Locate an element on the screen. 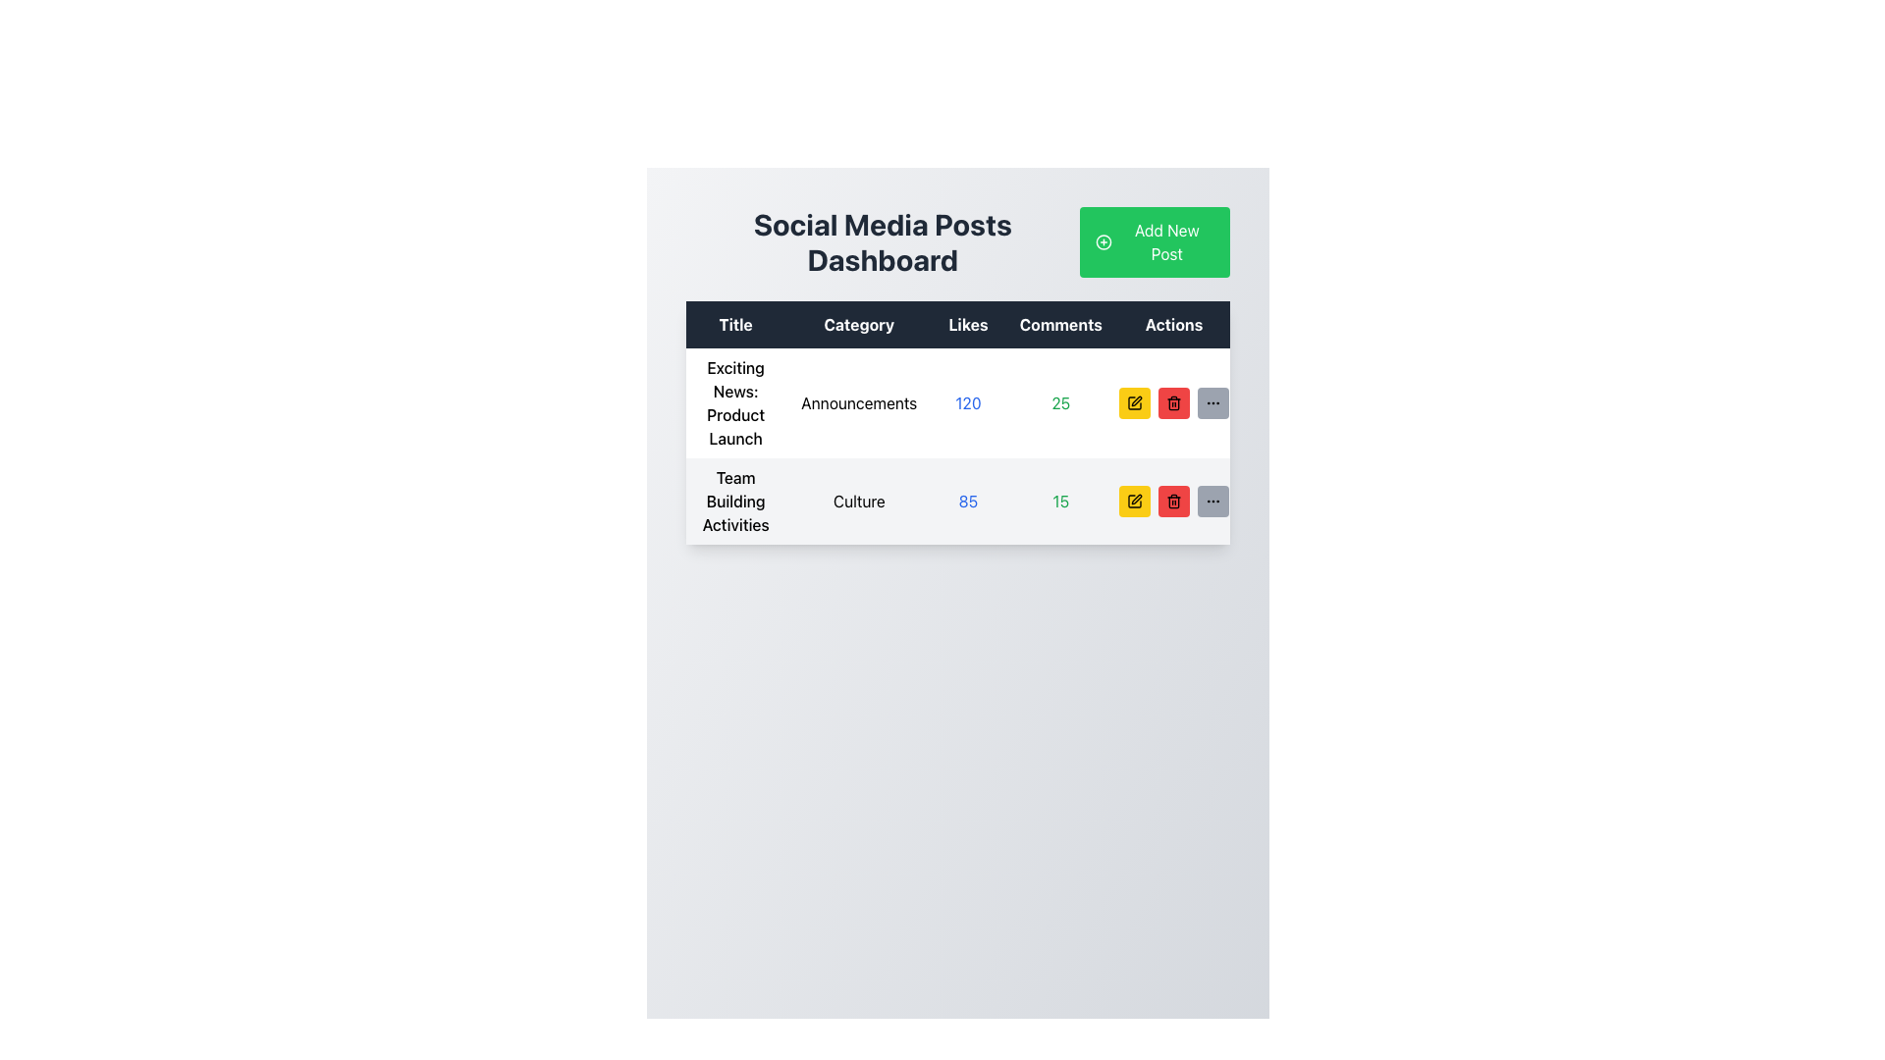  the small square-shaped icon with a yellow background and black diagonal lines located within the 'Edit' button of the 'Team Building Activities' entry in the 'Actions' column is located at coordinates (1135, 402).